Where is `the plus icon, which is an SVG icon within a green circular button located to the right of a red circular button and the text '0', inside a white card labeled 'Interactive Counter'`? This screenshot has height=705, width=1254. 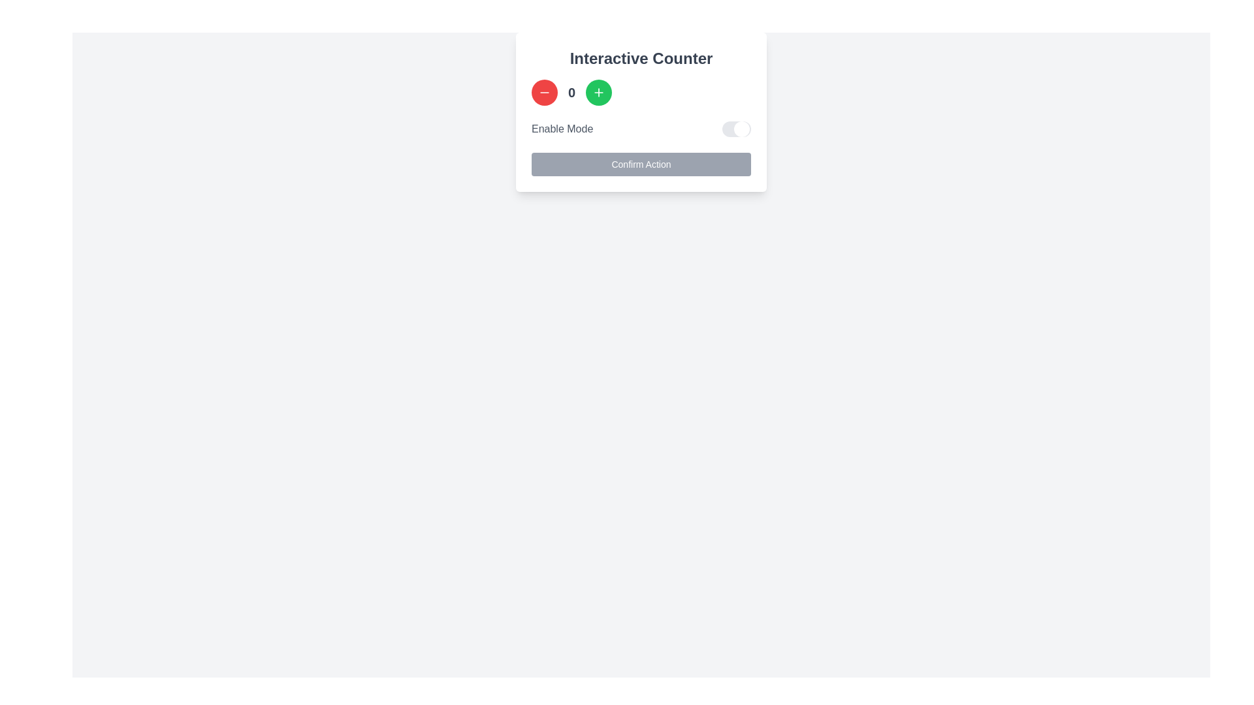
the plus icon, which is an SVG icon within a green circular button located to the right of a red circular button and the text '0', inside a white card labeled 'Interactive Counter' is located at coordinates (598, 92).